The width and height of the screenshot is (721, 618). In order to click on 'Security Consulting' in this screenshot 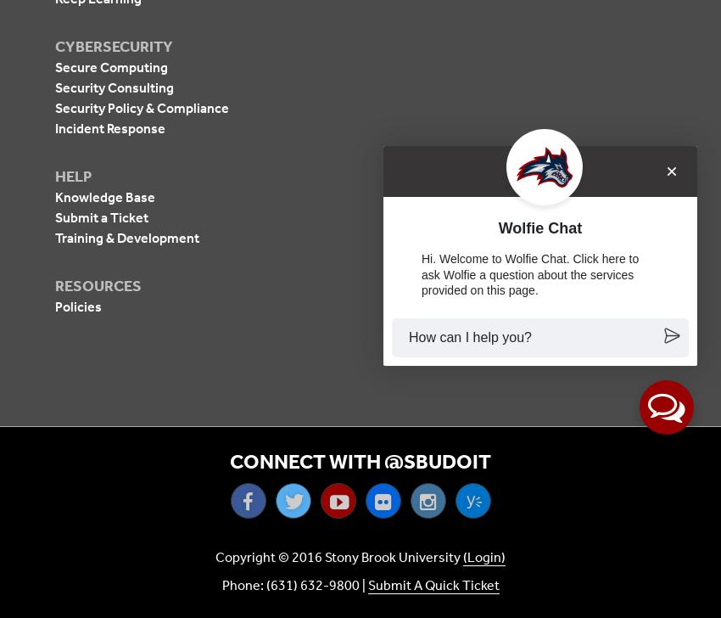, I will do `click(55, 87)`.